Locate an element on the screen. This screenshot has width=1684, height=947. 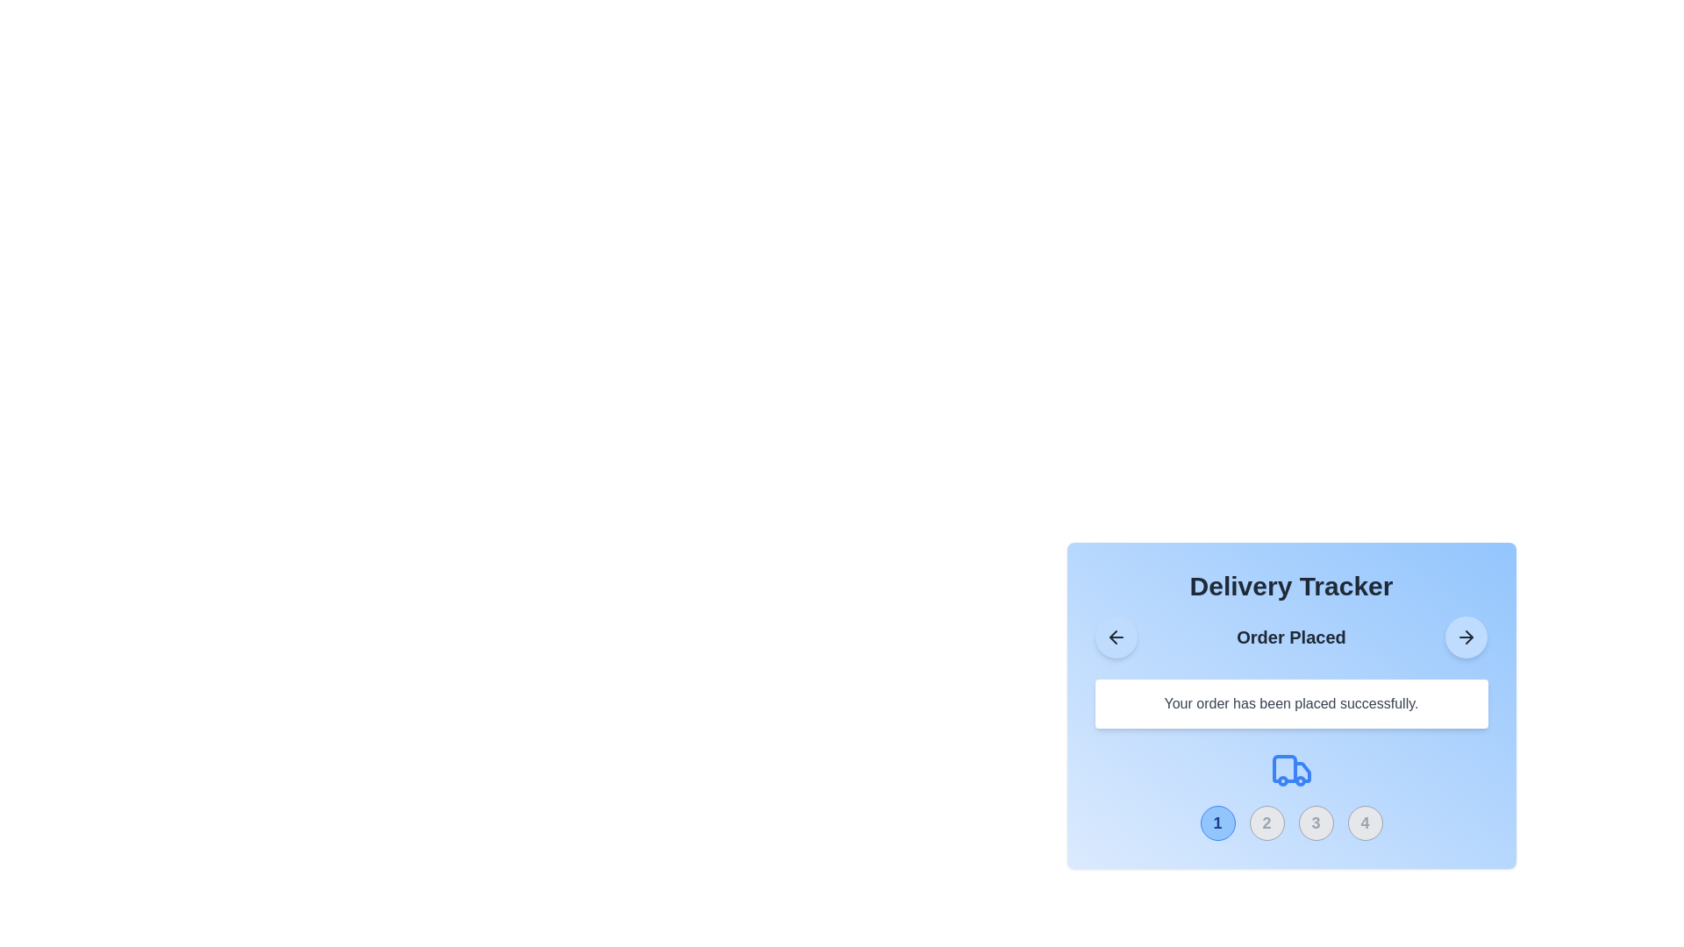
the rightward arrow icon within the circular button located in the top-right corner of the delivery tracker interface is located at coordinates (1466, 637).